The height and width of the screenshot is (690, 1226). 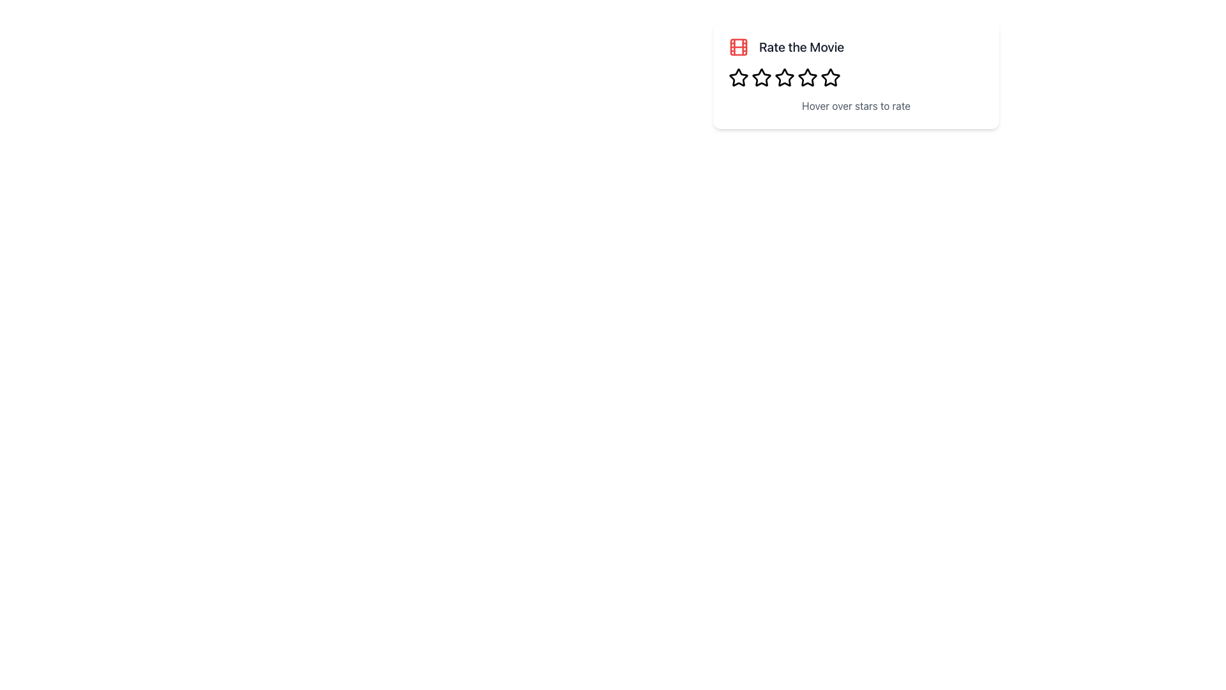 I want to click on the fourth star-shaped icon in the star rating system located under the text 'Rate the Movie', so click(x=830, y=77).